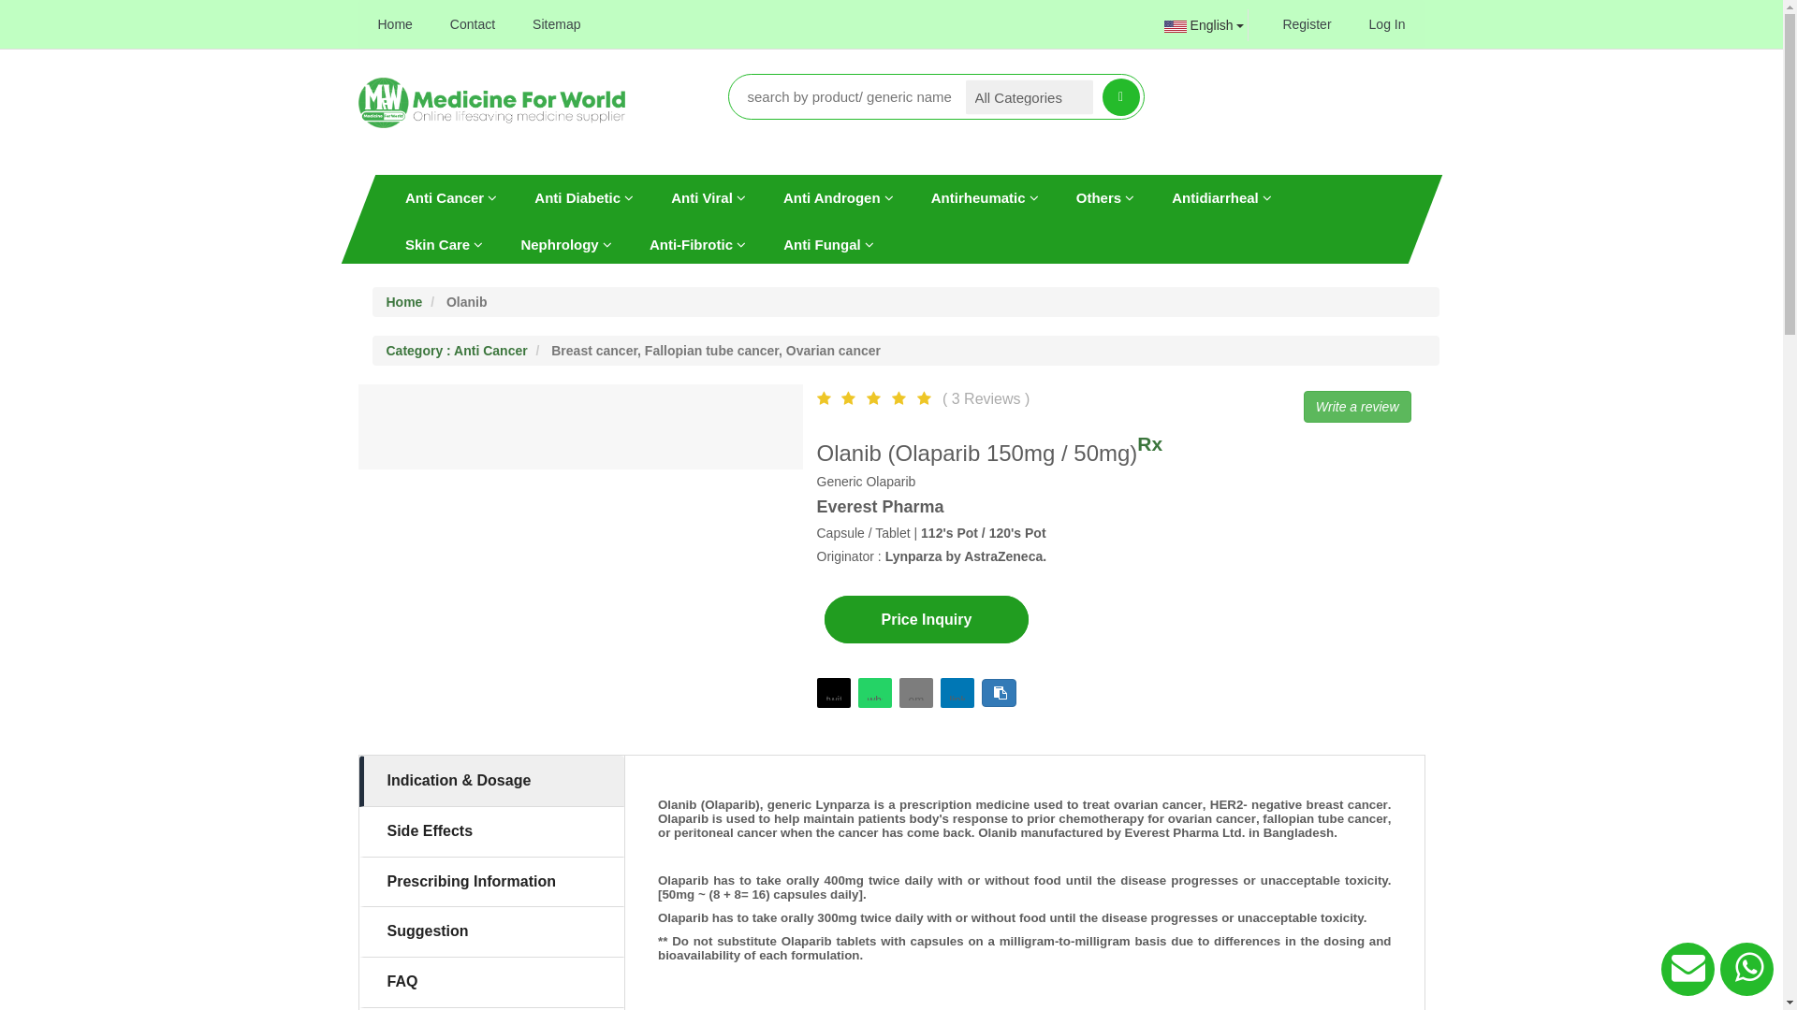 The height and width of the screenshot is (1010, 1797). I want to click on 'Side Effects', so click(492, 830).